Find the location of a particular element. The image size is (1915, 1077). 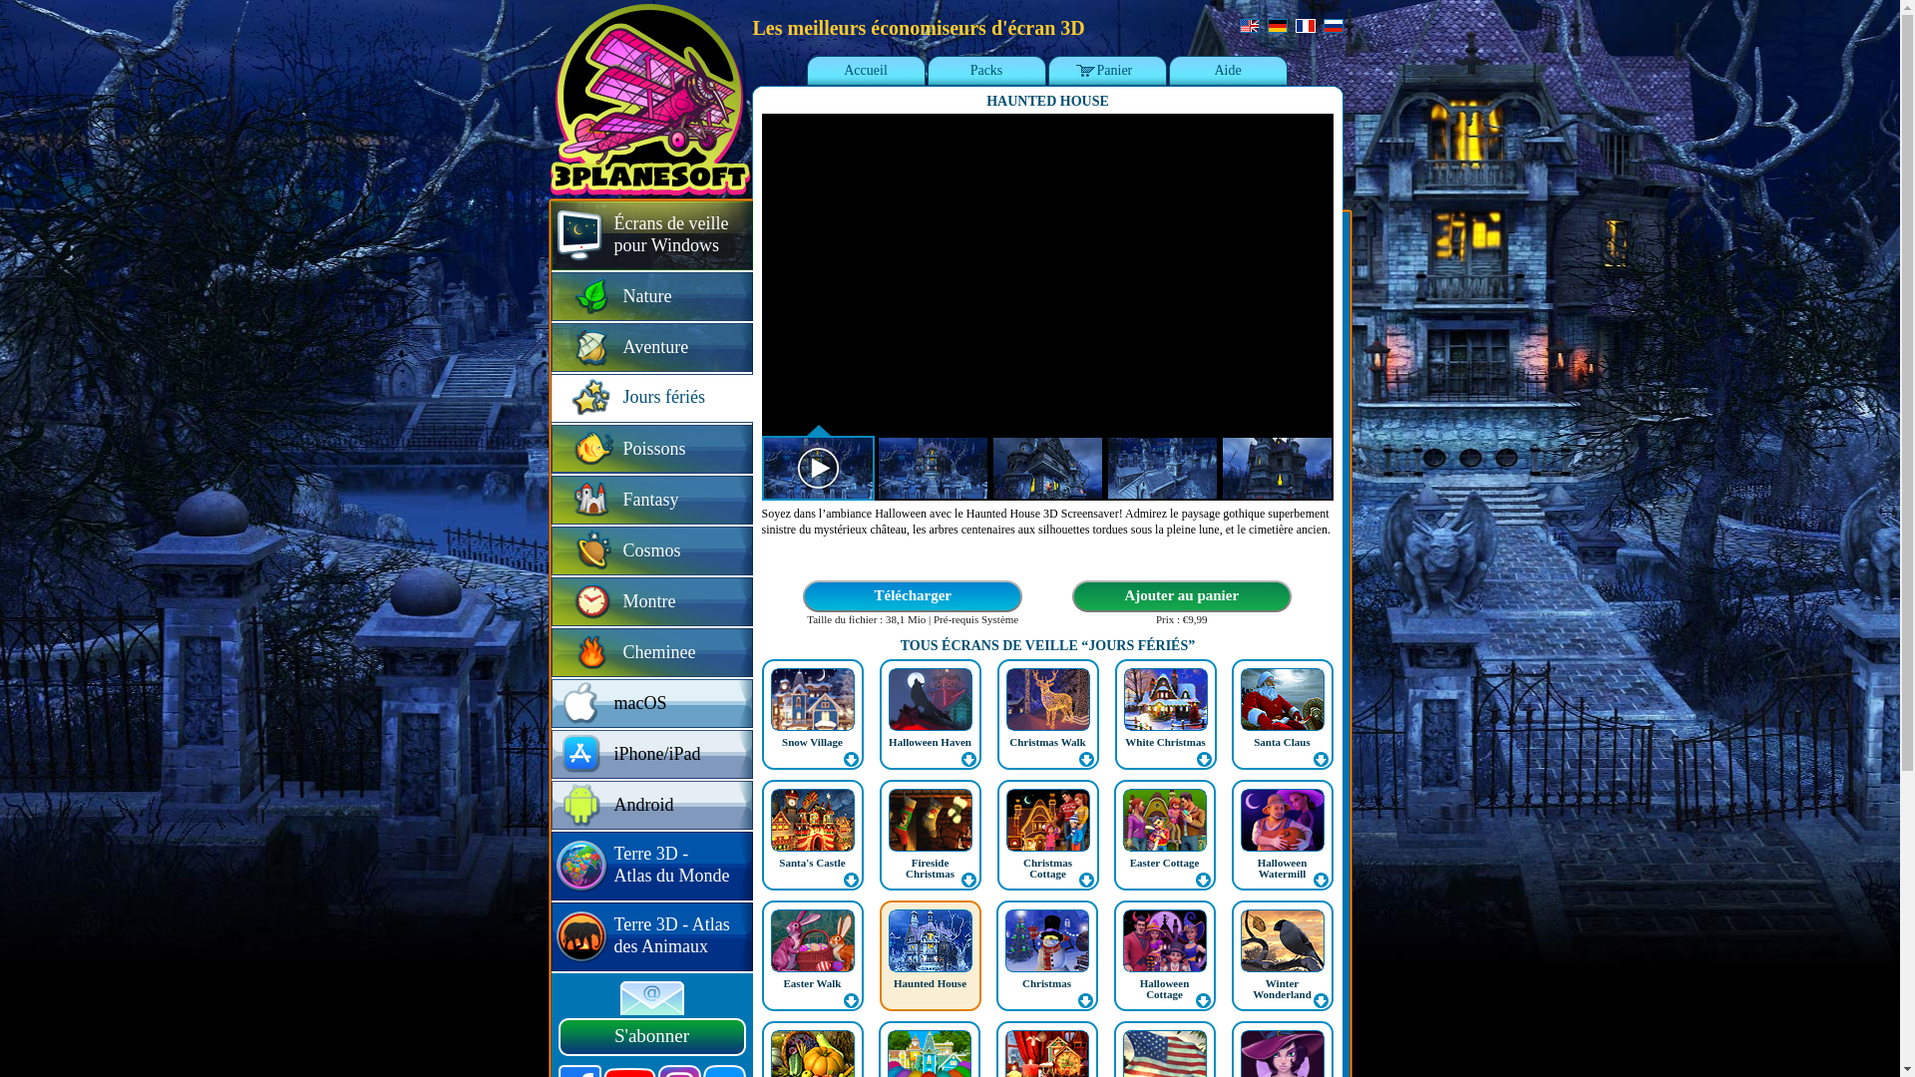

'Android' is located at coordinates (650, 805).